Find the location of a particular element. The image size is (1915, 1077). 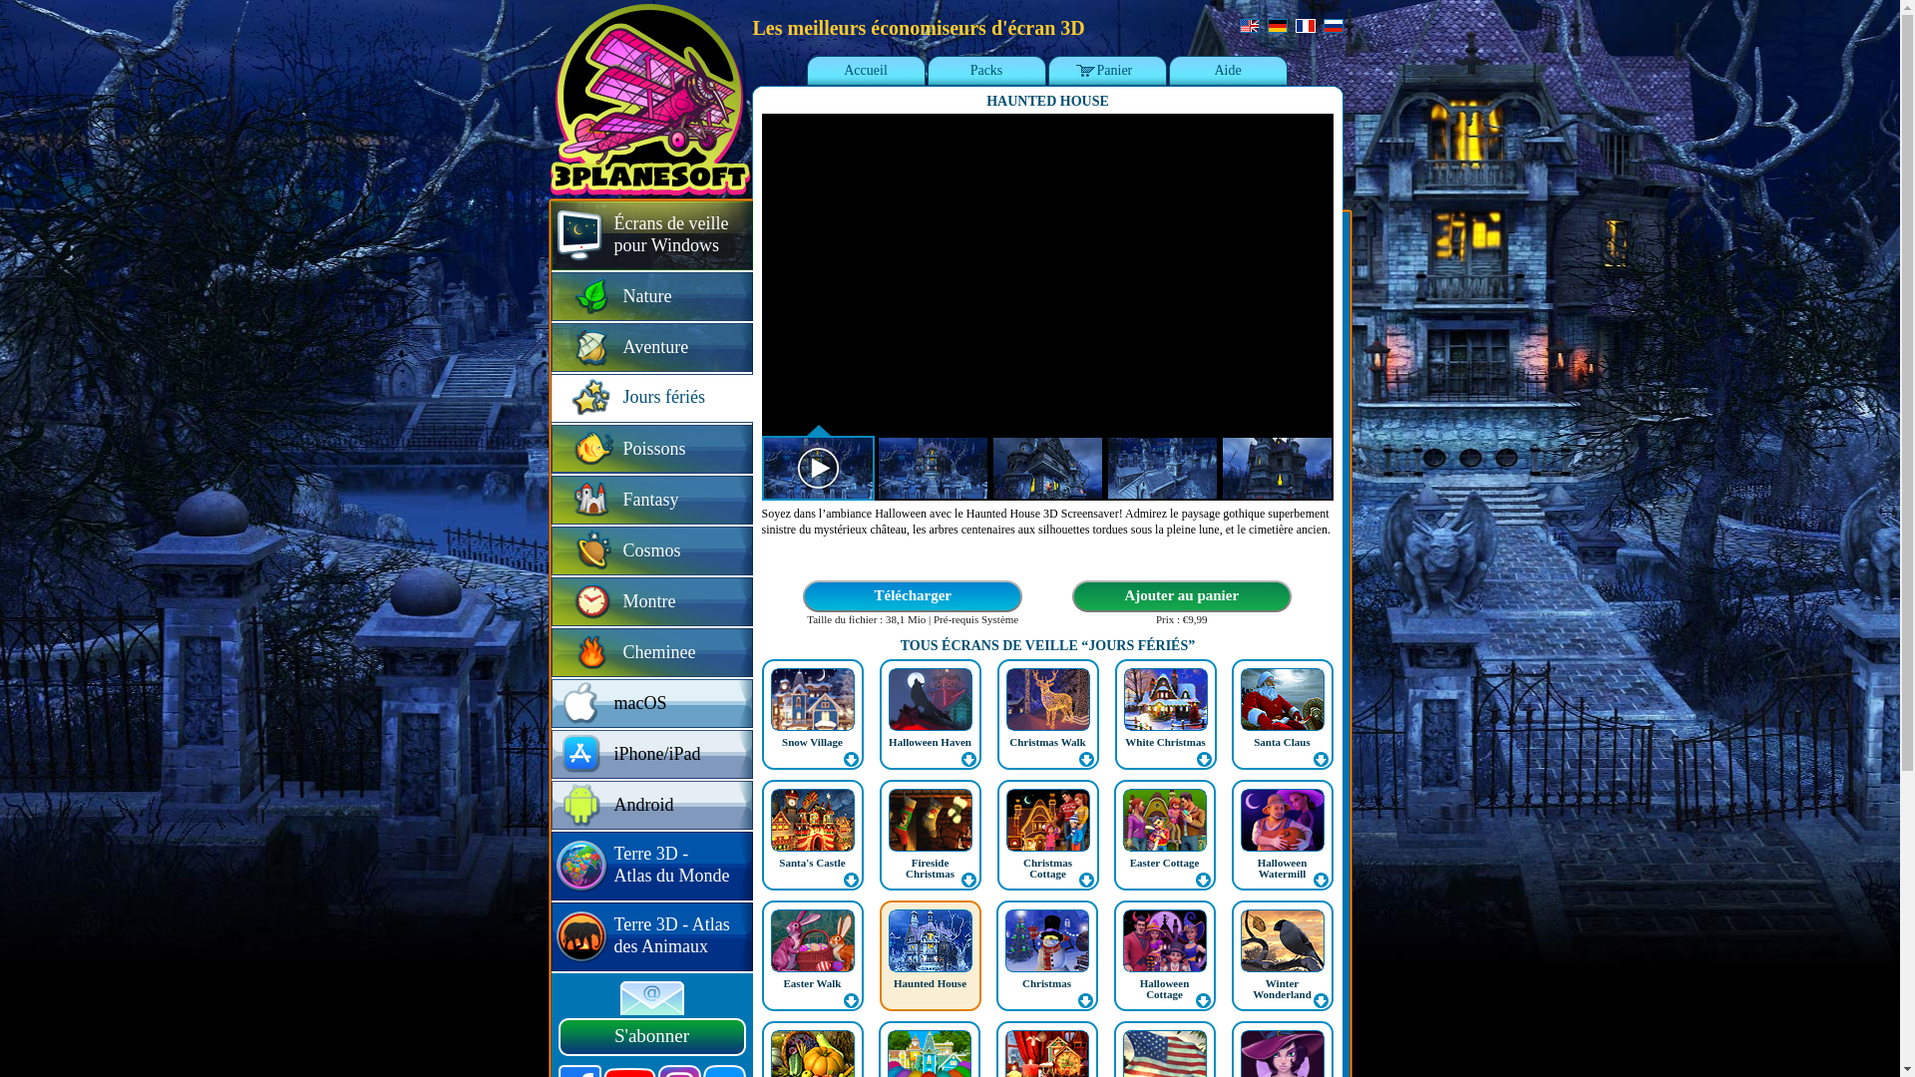

'Android' is located at coordinates (650, 805).